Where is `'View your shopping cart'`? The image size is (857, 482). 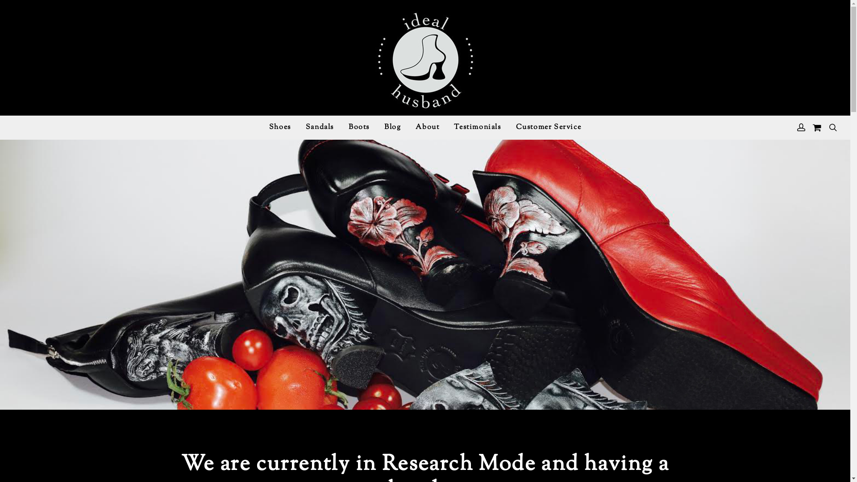
'View your shopping cart' is located at coordinates (812, 128).